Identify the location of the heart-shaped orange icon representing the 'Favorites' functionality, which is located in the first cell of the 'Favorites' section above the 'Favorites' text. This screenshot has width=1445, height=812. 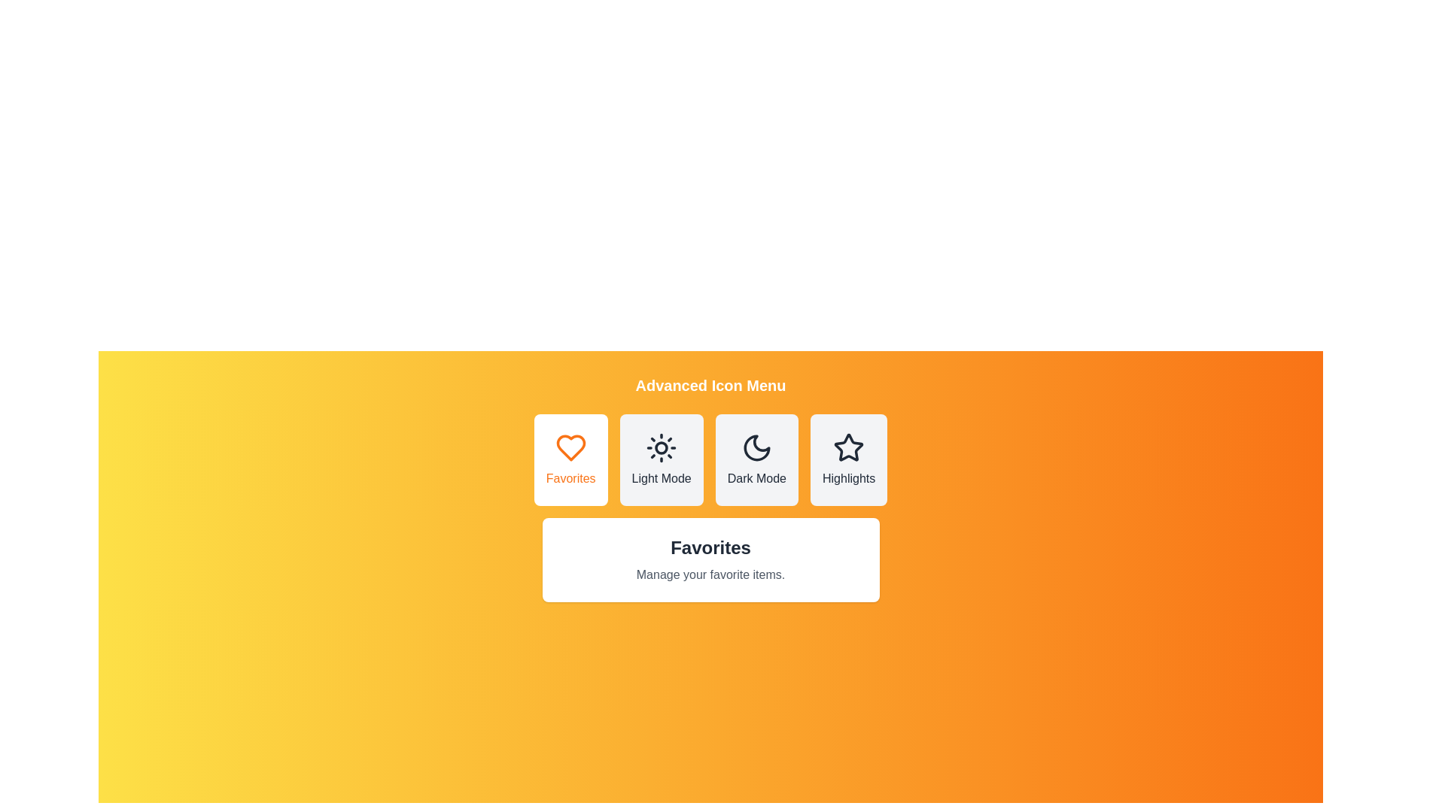
(570, 447).